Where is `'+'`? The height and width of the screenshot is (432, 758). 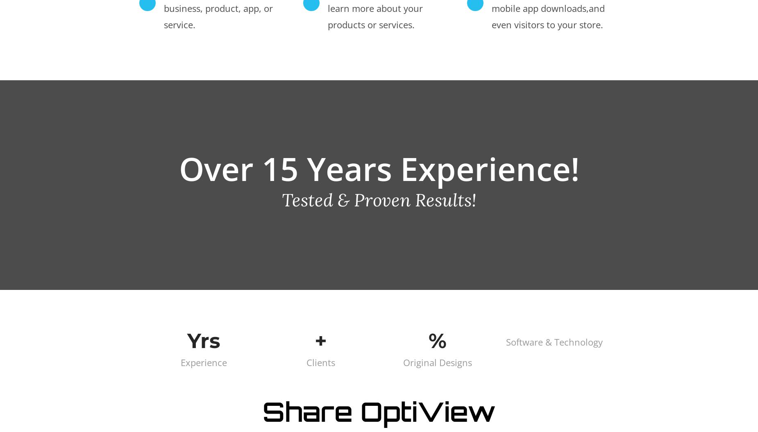
'+' is located at coordinates (320, 340).